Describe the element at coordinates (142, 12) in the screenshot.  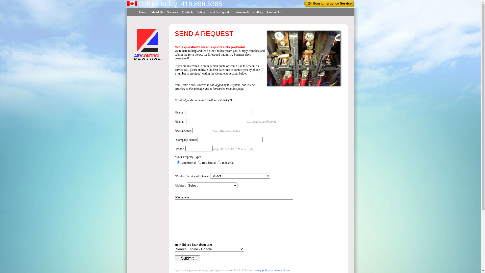
I see `'Home'` at that location.